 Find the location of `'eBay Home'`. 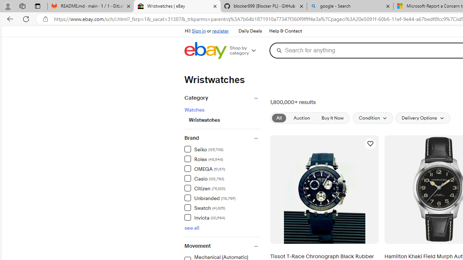

'eBay Home' is located at coordinates (205, 50).